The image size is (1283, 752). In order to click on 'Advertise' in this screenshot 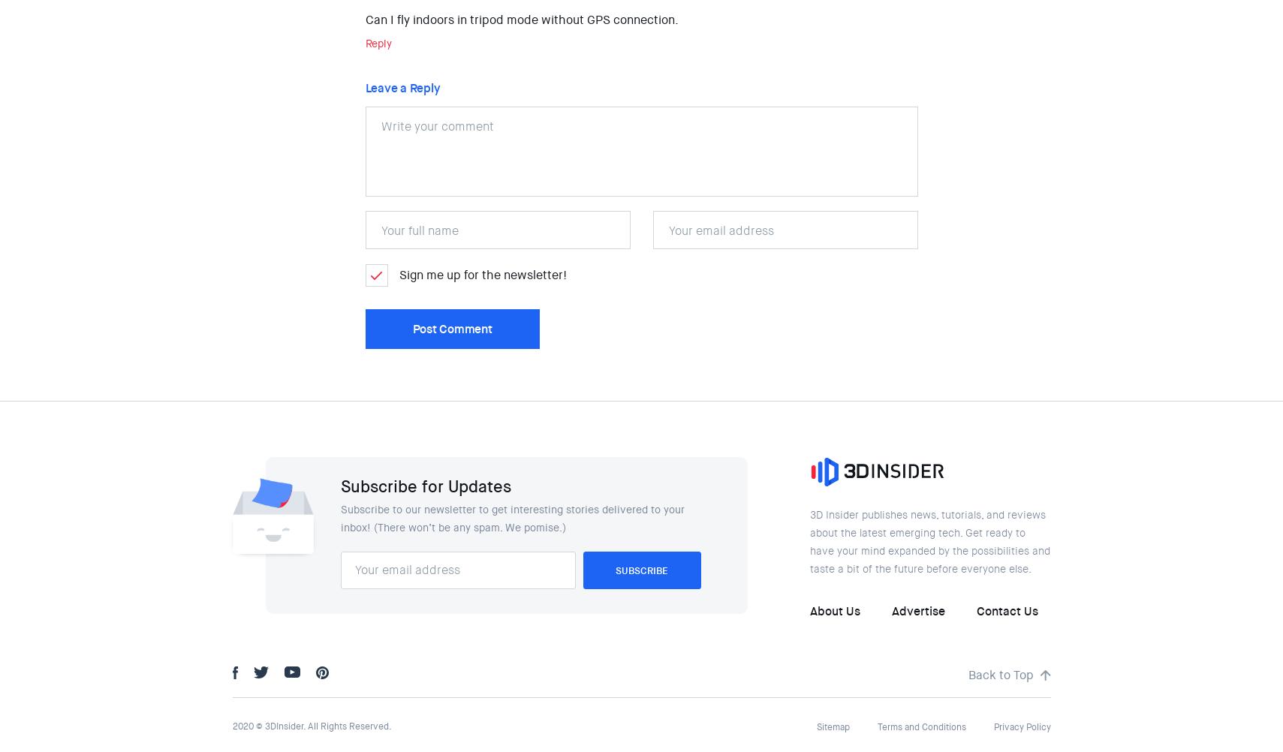, I will do `click(917, 610)`.